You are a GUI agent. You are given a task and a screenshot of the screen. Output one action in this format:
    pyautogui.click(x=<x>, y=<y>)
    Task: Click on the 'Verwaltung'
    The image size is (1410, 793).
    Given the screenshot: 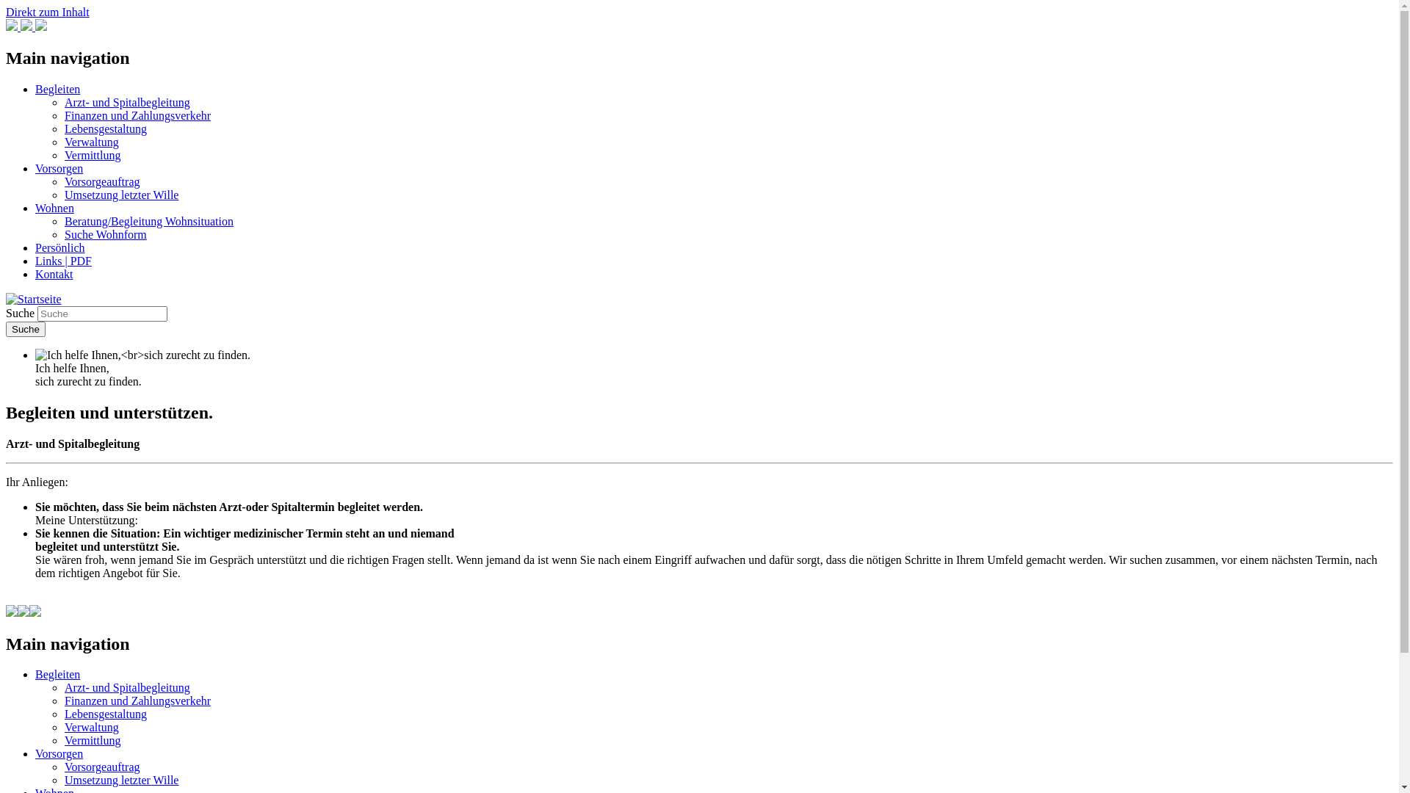 What is the action you would take?
    pyautogui.click(x=90, y=727)
    